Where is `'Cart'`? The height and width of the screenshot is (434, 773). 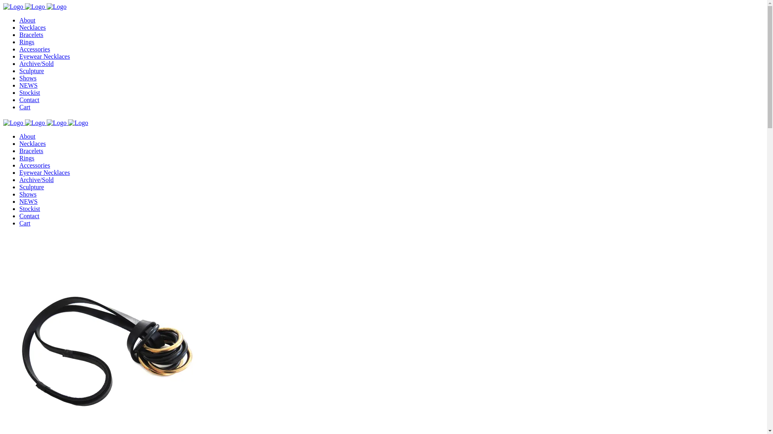
'Cart' is located at coordinates (25, 106).